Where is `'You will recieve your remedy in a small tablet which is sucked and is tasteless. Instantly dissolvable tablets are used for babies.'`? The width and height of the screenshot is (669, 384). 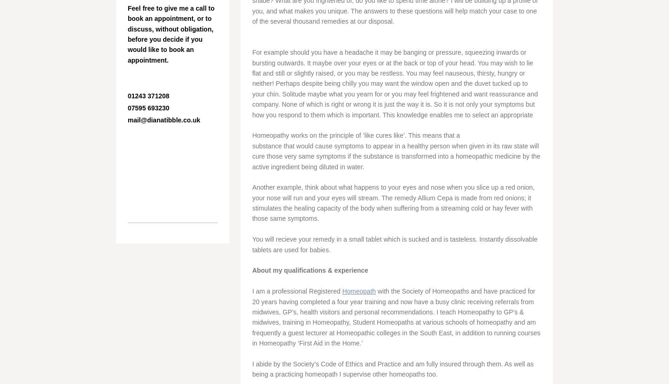 'You will recieve your remedy in a small tablet which is sucked and is tasteless. Instantly dissolvable tablets are used for babies.' is located at coordinates (394, 244).